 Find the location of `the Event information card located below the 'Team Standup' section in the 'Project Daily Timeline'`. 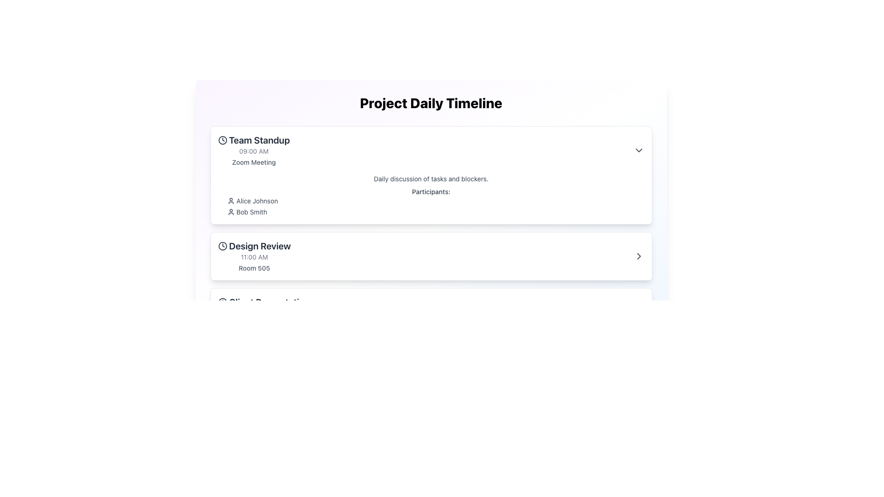

the Event information card located below the 'Team Standup' section in the 'Project Daily Timeline' is located at coordinates (430, 256).